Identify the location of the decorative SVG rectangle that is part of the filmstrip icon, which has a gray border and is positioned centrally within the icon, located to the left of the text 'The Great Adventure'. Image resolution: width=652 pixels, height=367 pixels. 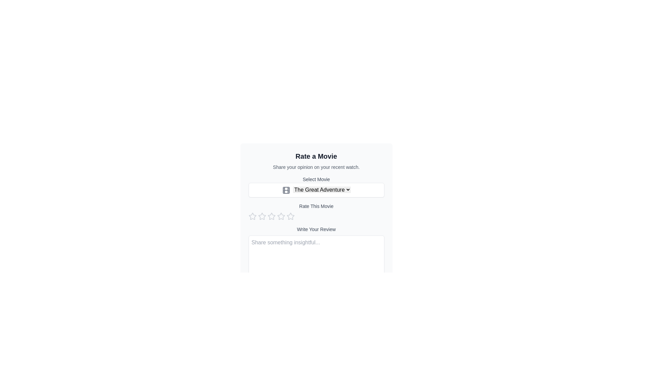
(286, 190).